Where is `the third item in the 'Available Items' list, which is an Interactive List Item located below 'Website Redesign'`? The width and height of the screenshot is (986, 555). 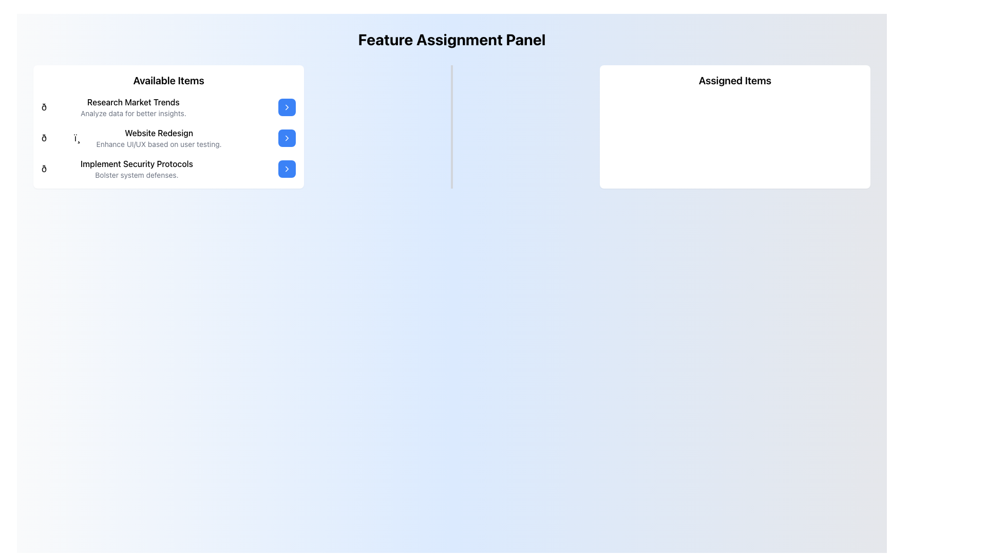
the third item in the 'Available Items' list, which is an Interactive List Item located below 'Website Redesign' is located at coordinates (168, 168).